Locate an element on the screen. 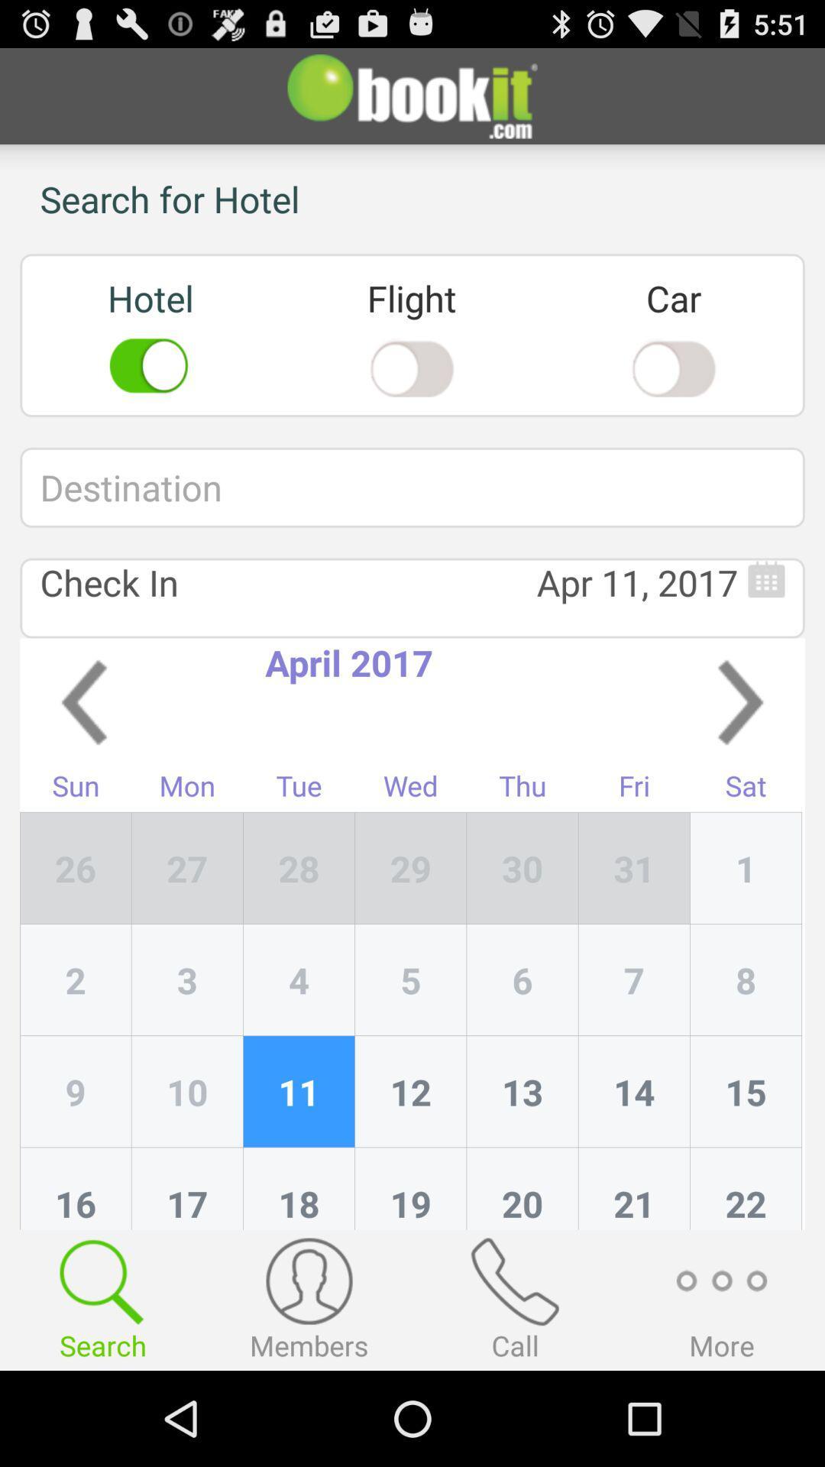 The height and width of the screenshot is (1467, 825). the 17 icon is located at coordinates (186, 1187).